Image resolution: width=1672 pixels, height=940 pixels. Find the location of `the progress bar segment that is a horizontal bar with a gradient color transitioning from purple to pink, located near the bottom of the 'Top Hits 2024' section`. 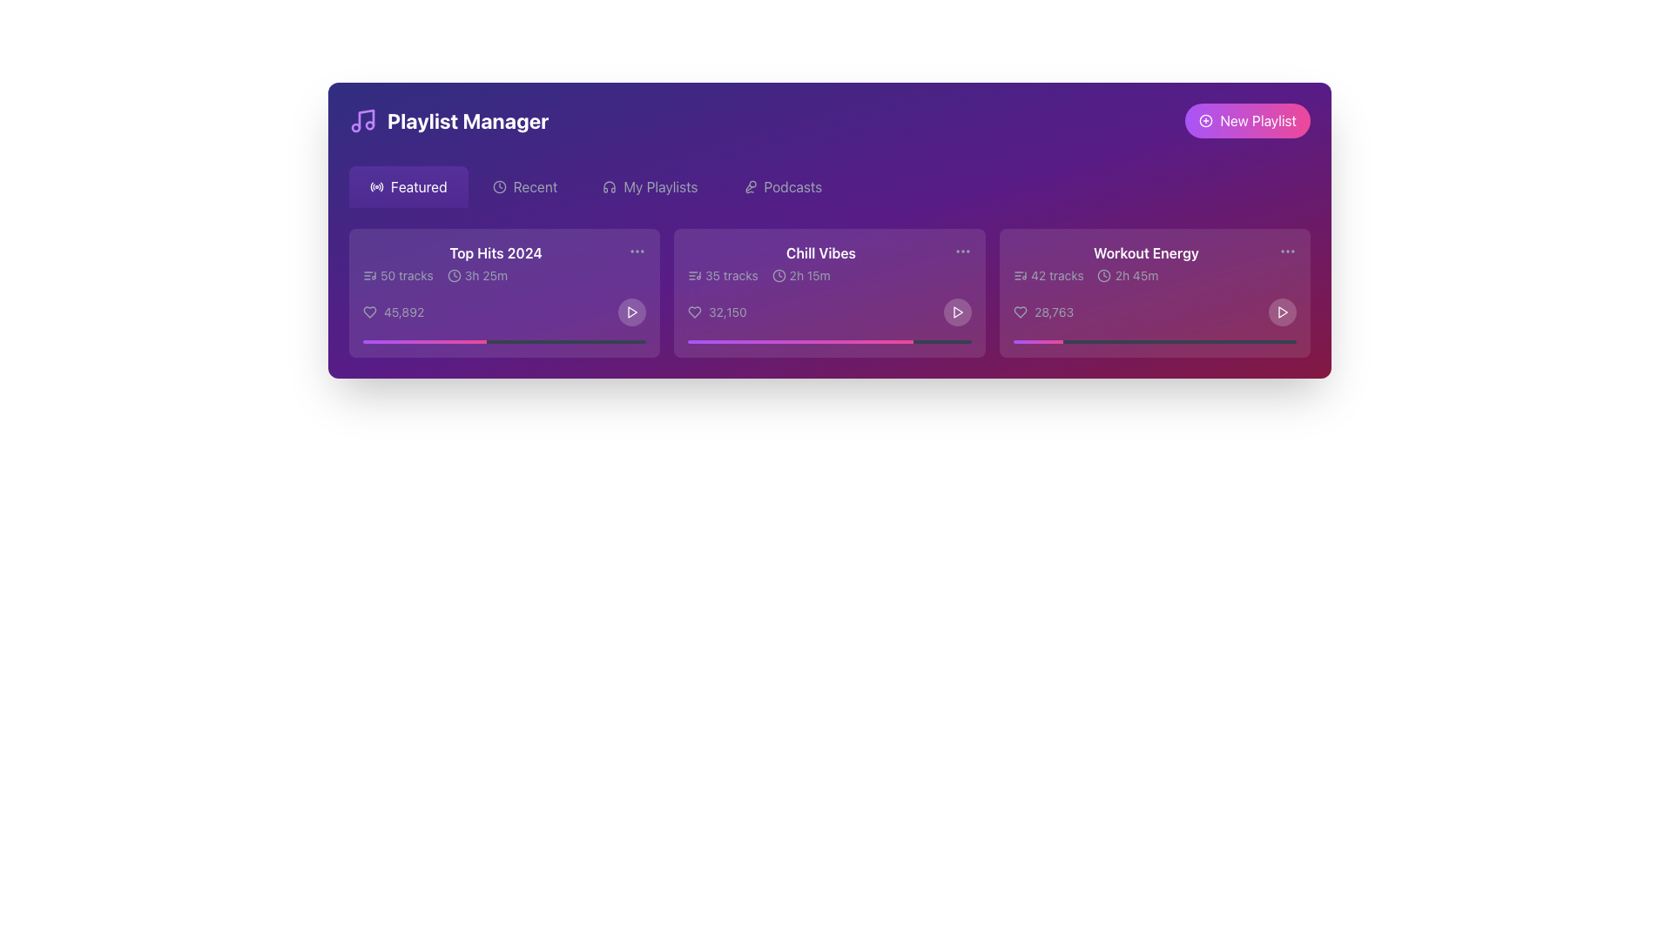

the progress bar segment that is a horizontal bar with a gradient color transitioning from purple to pink, located near the bottom of the 'Top Hits 2024' section is located at coordinates (424, 342).